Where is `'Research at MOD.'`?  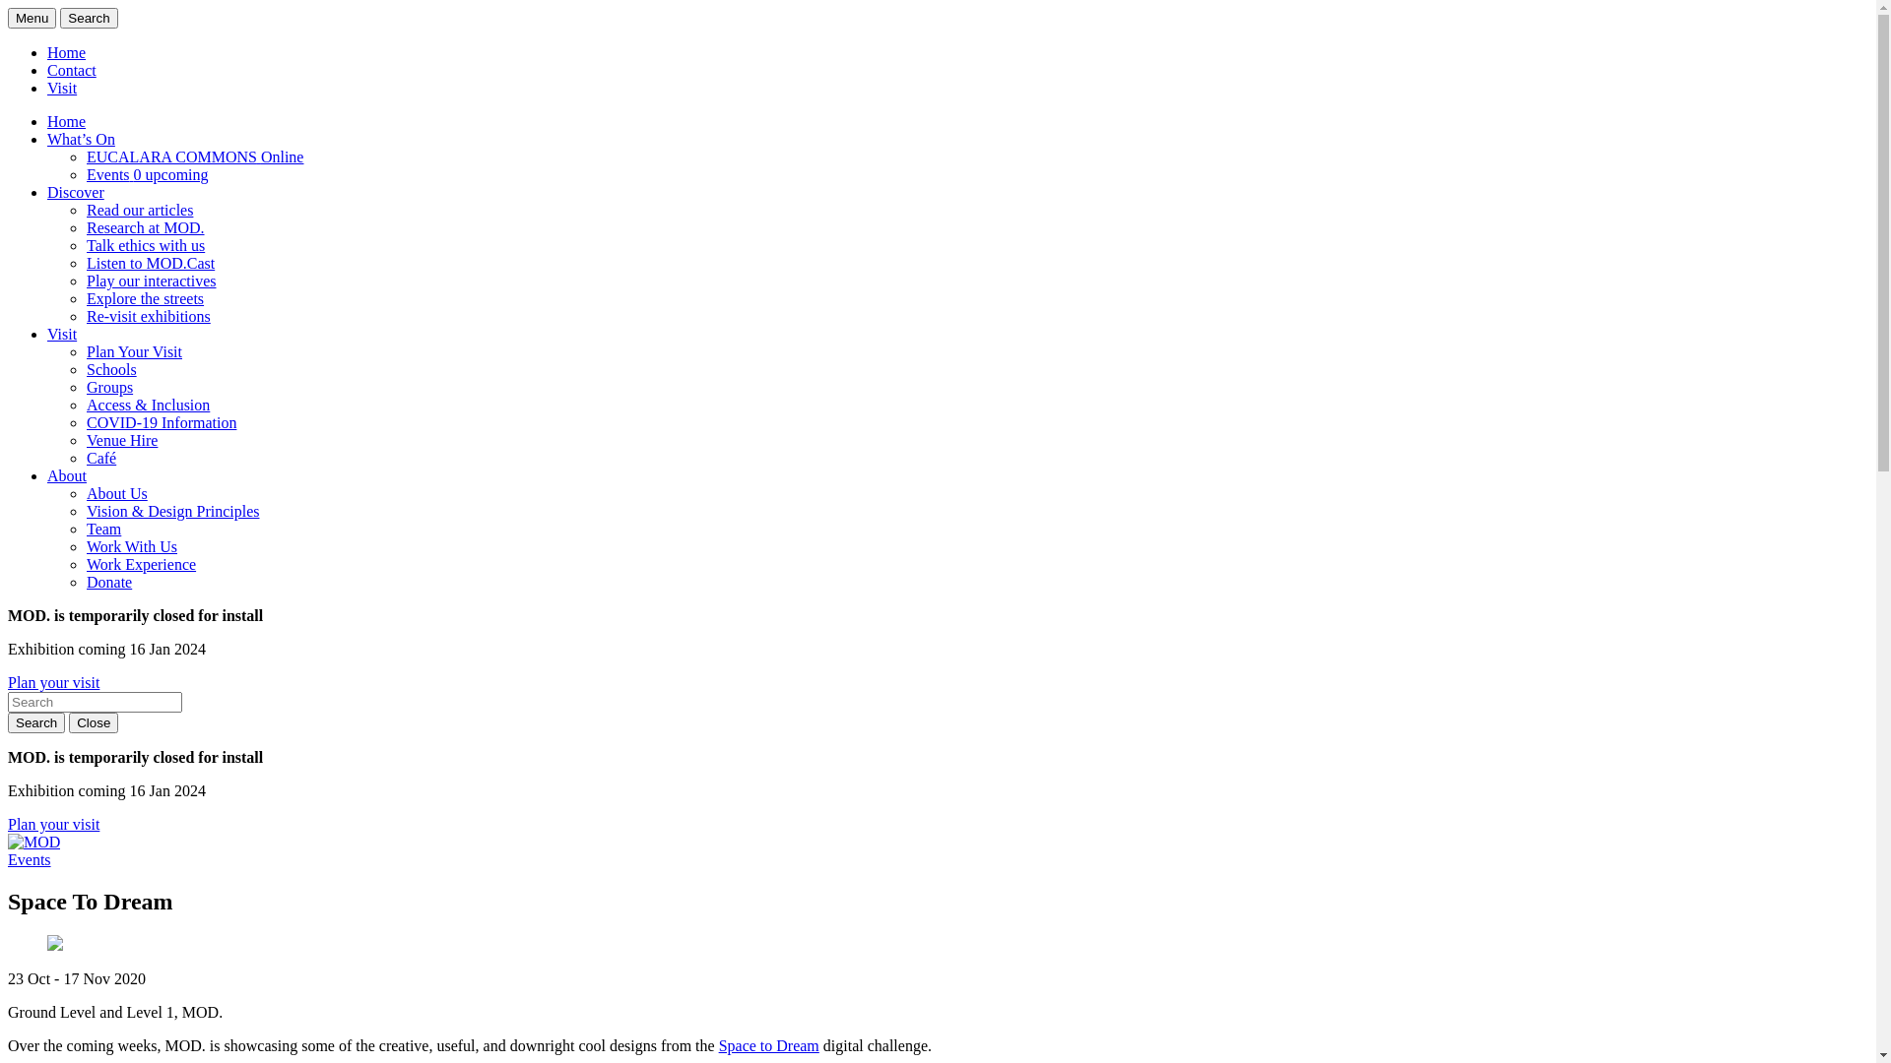
'Research at MOD.' is located at coordinates (145, 226).